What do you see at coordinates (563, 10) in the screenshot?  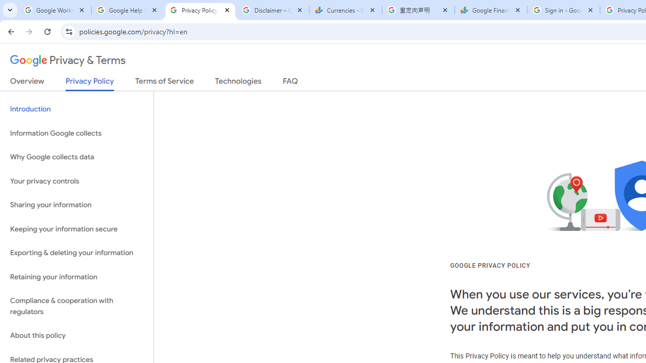 I see `'Sign in - Google Accounts'` at bounding box center [563, 10].